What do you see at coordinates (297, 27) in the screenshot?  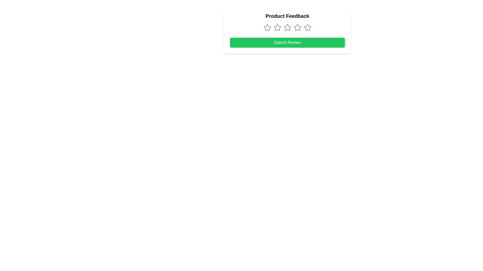 I see `the third star in the rating component under the 'Product Feedback' label` at bounding box center [297, 27].